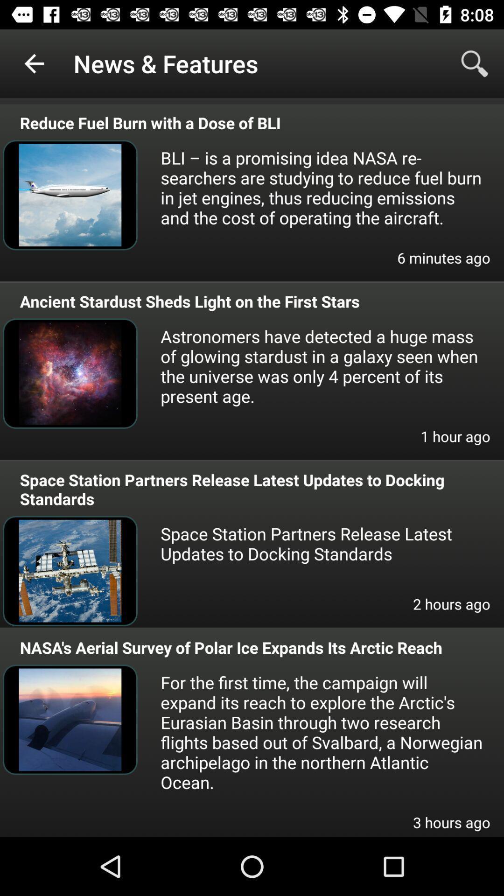  I want to click on item next to news & features item, so click(475, 63).